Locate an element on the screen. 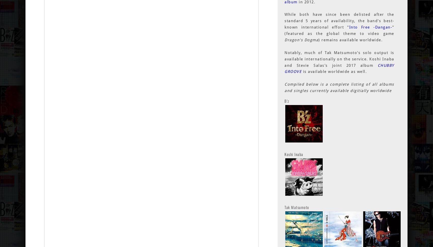 The image size is (433, 247). '" (featured as the global theme to video game' is located at coordinates (339, 30).